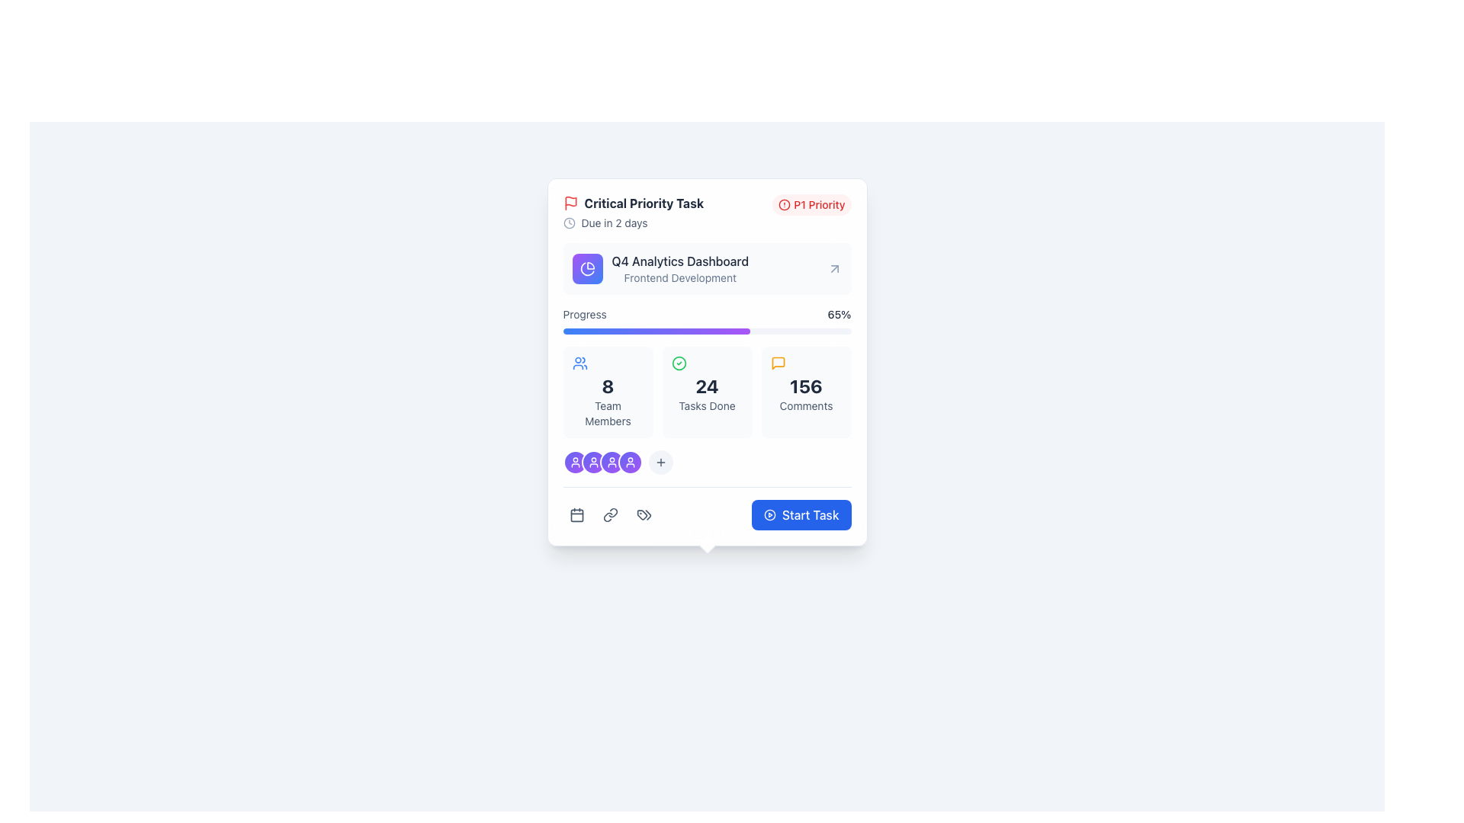  What do you see at coordinates (579, 363) in the screenshot?
I see `the icon representing a group of people with a blue outline located in the top left corner of the '8 Team Members' section in the leftmost column of the grid layout` at bounding box center [579, 363].